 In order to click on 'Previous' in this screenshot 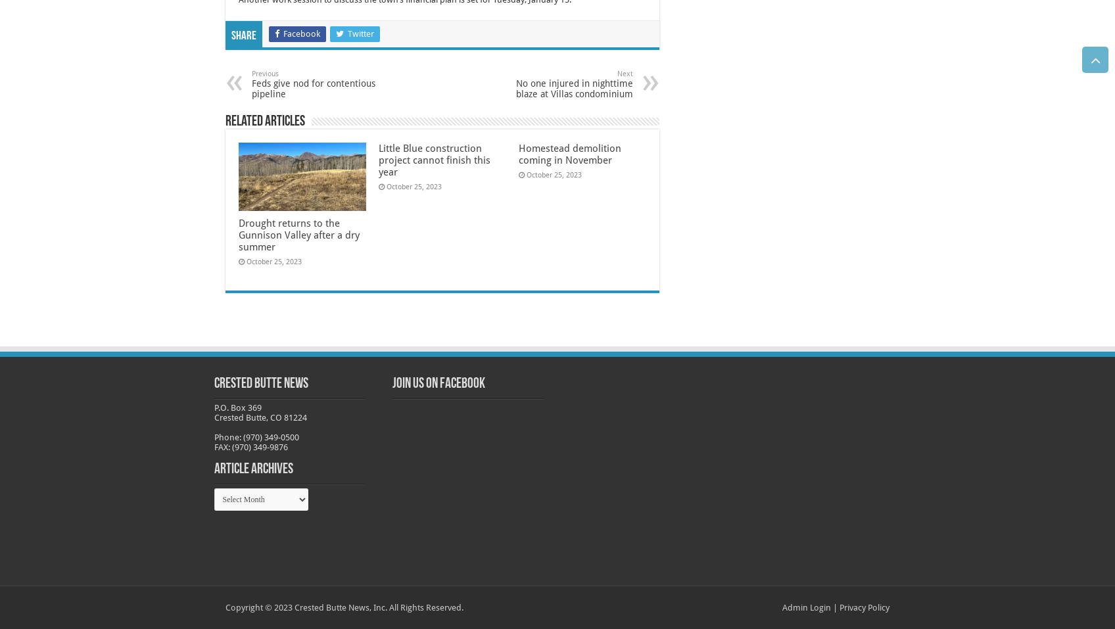, I will do `click(250, 74)`.